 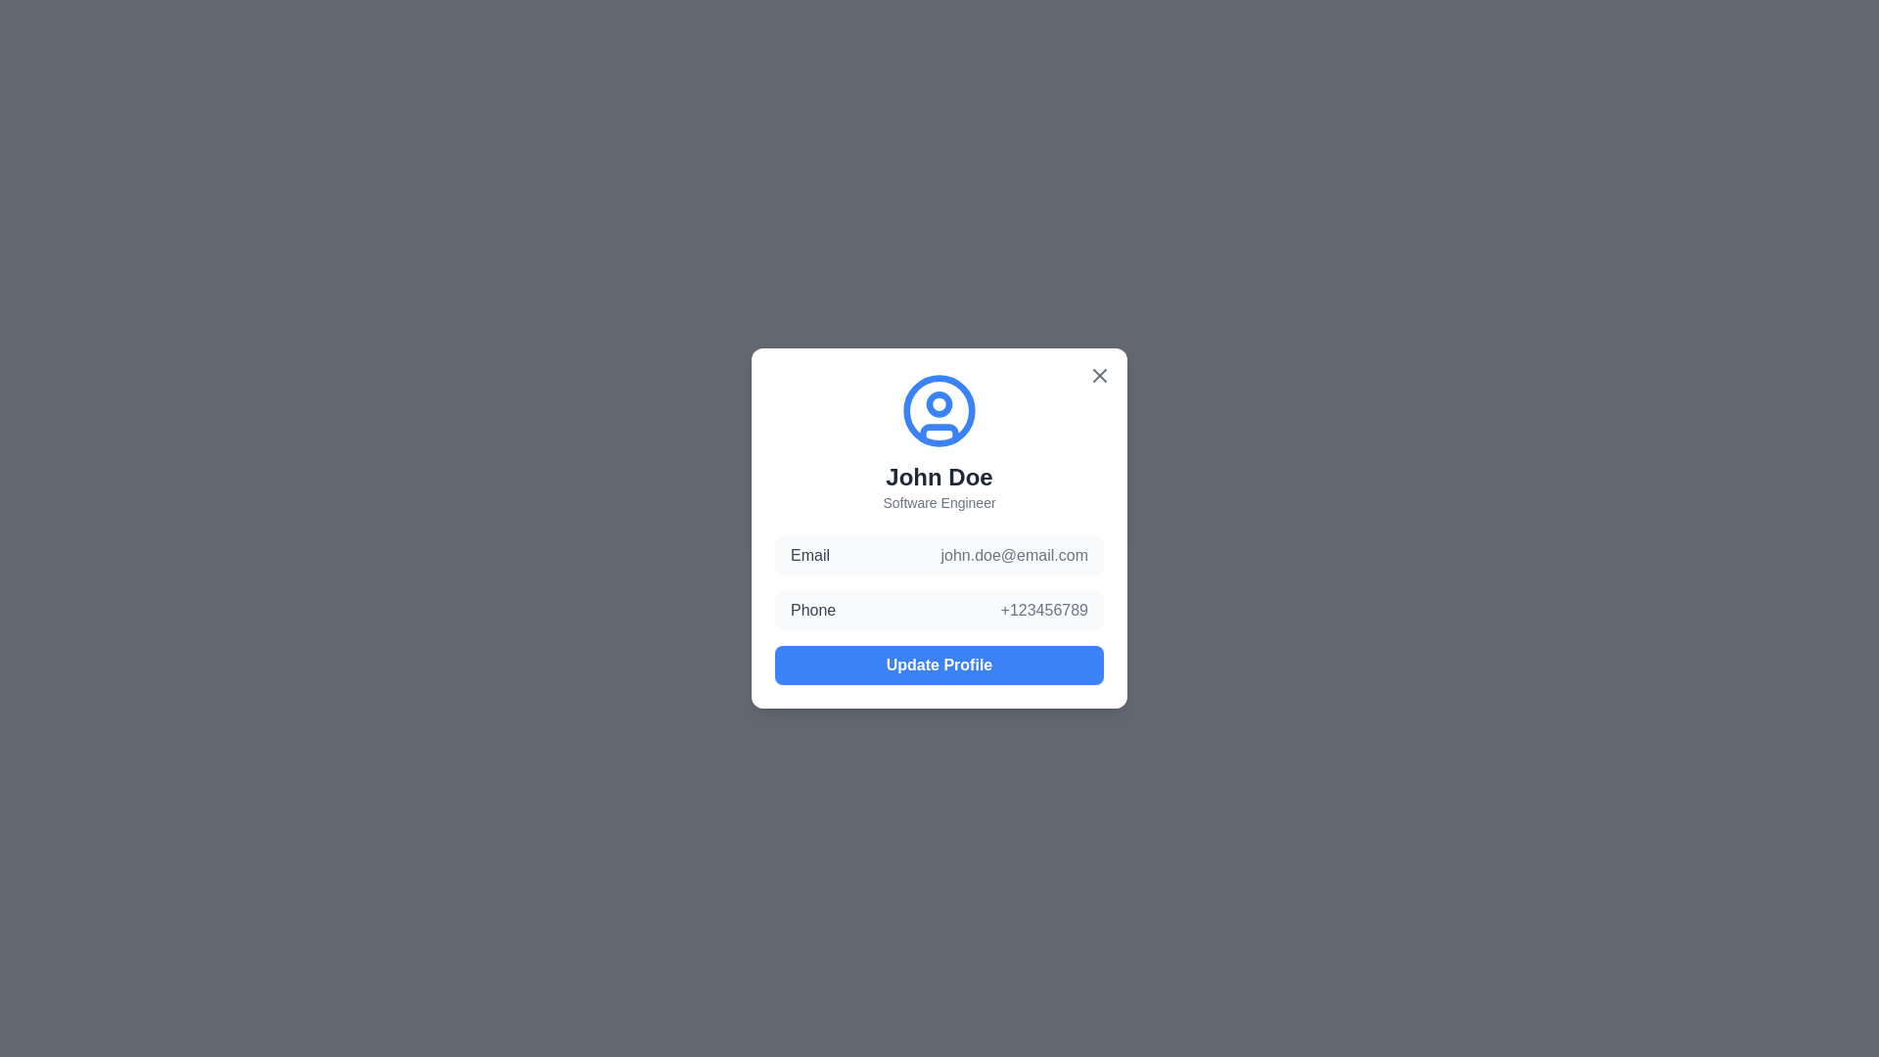 What do you see at coordinates (1043, 610) in the screenshot?
I see `the static text displaying the phone number '+123456789', which is located to the right of the 'Phone' label in the bottom portion of the profile form layout` at bounding box center [1043, 610].